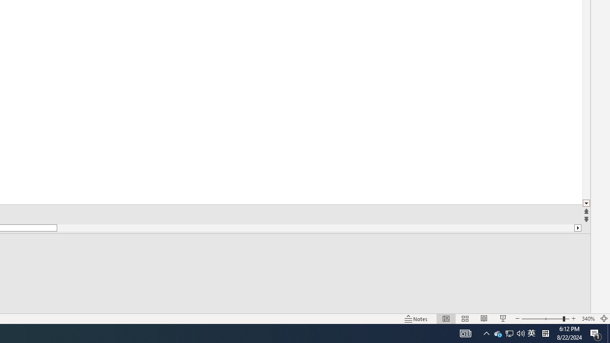 The image size is (610, 343). I want to click on 'Zoom 340%', so click(588, 319).